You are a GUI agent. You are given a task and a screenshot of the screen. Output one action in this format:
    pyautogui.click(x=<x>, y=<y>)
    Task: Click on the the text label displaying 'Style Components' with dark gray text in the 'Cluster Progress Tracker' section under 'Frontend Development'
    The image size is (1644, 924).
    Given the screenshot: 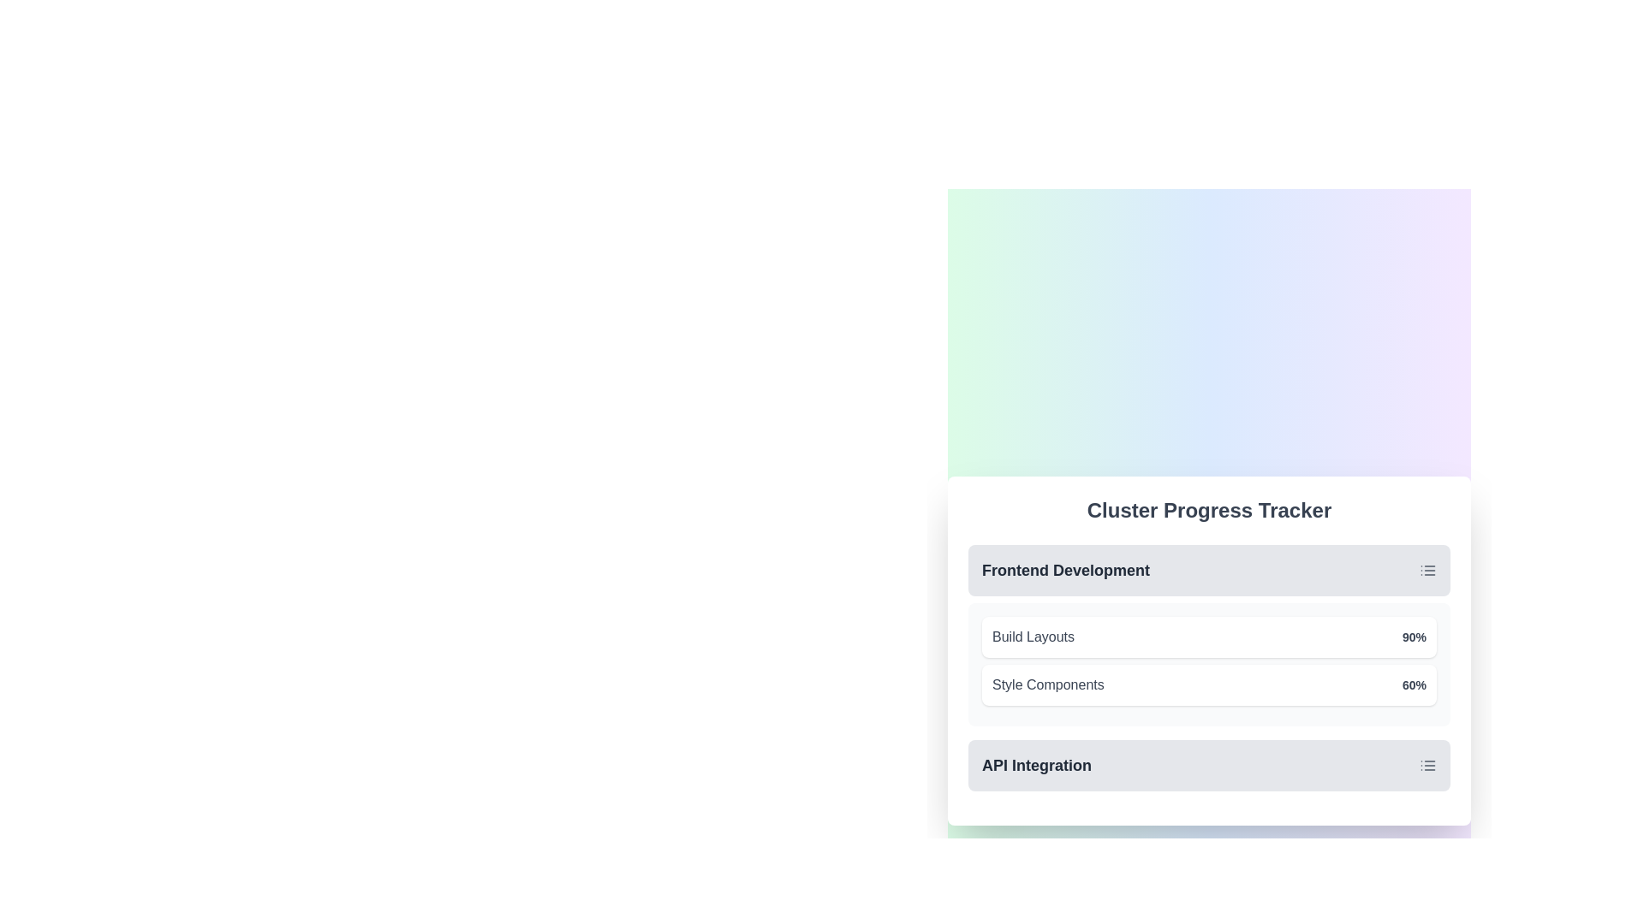 What is the action you would take?
    pyautogui.click(x=1047, y=684)
    